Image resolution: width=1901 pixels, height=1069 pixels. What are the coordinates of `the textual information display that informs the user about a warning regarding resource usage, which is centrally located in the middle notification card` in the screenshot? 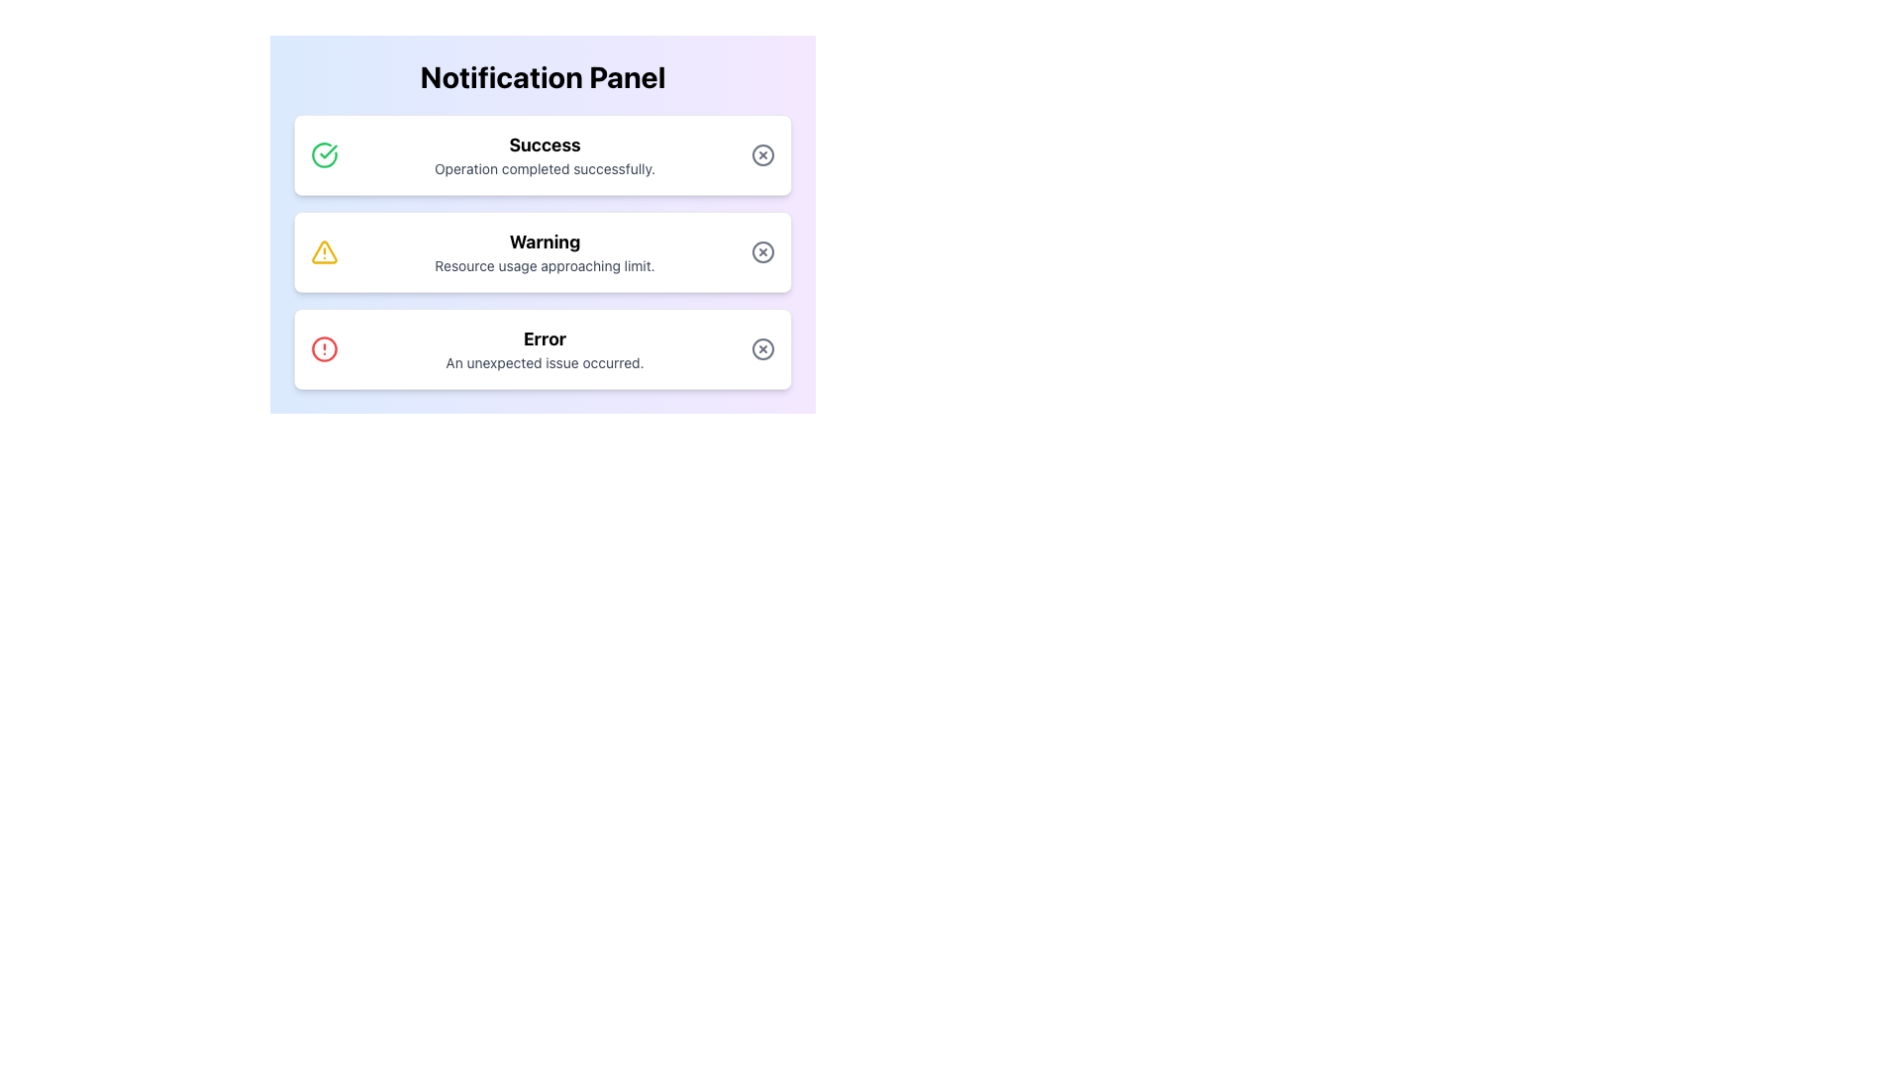 It's located at (545, 250).